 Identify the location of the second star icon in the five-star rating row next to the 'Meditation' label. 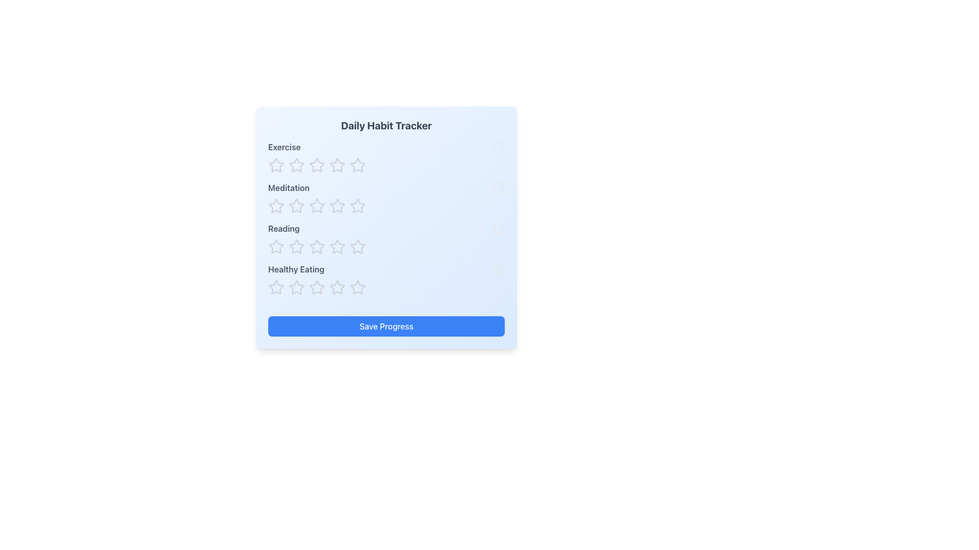
(338, 206).